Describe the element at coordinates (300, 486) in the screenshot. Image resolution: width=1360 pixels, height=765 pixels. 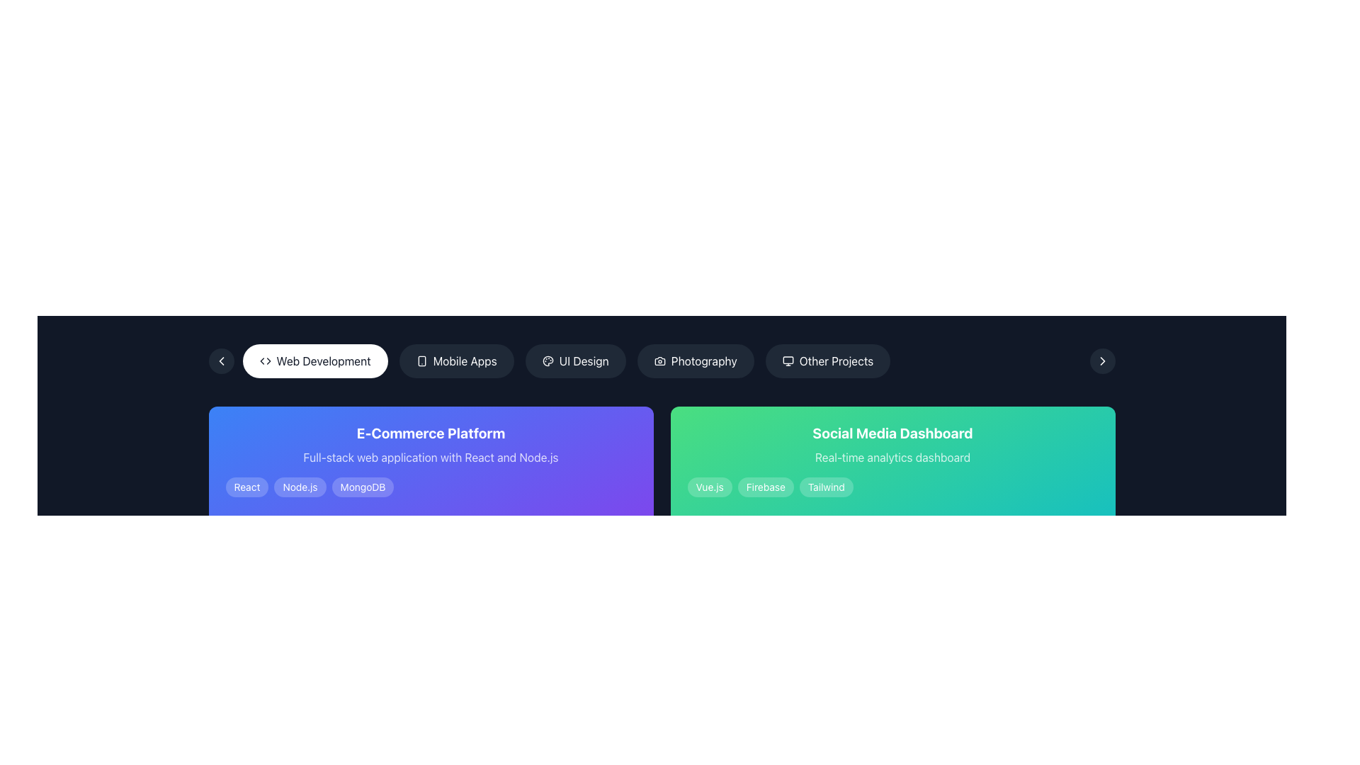
I see `the pill-shaped label with the text 'Node.js', which has a light purple background and white text, located near the bottom of the 'E-Commerce Platform' card, as it is the second label in a group of three labels` at that location.